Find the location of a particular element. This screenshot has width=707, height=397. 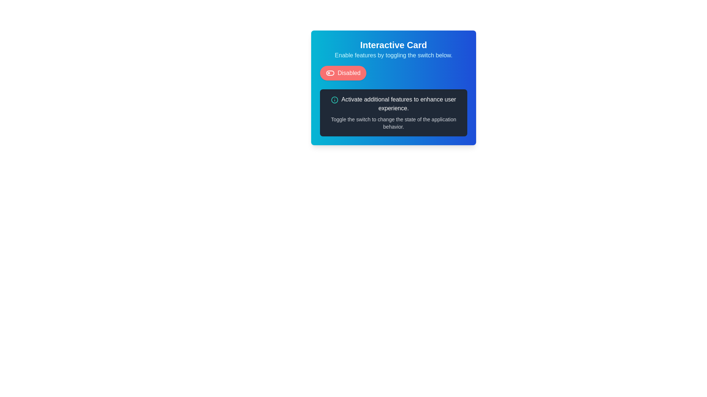

the text block that serves as the title and brief instruction for the card, located at the top of the card with a gradient background from cyan to blue is located at coordinates (393, 50).